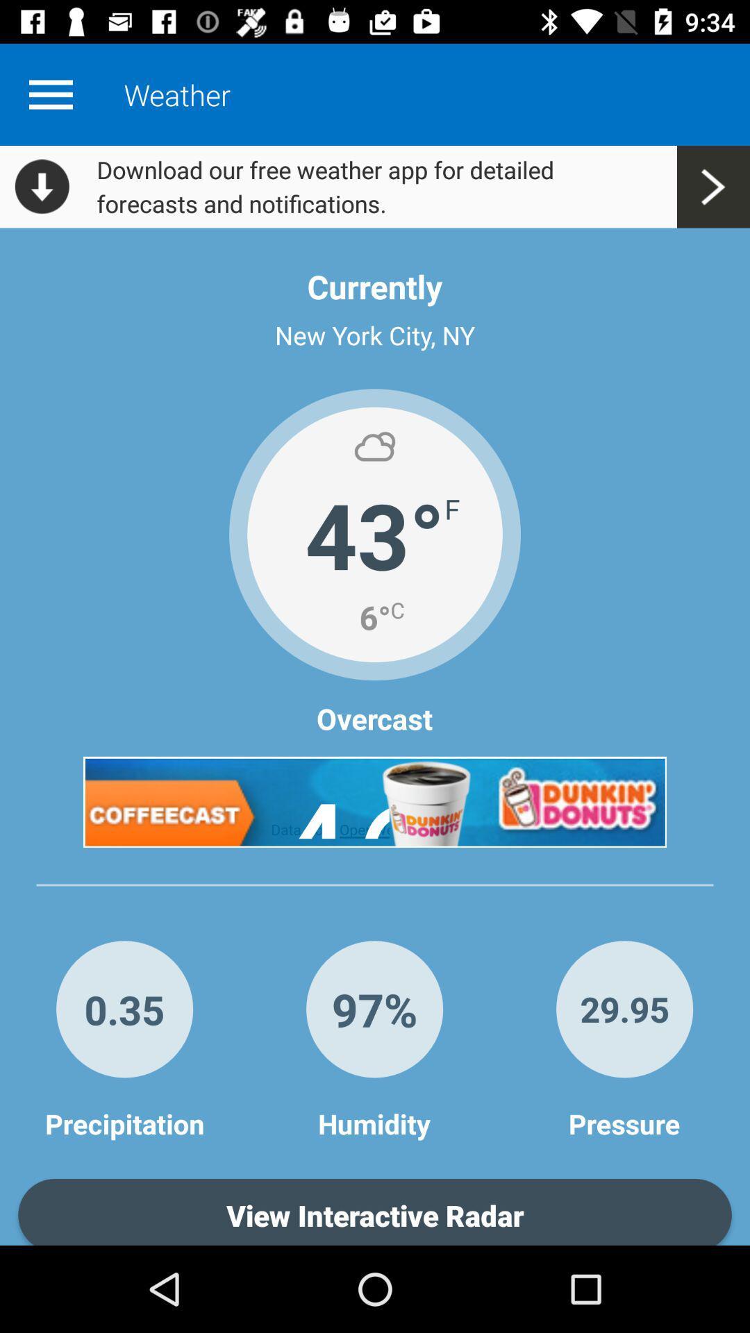  I want to click on open menu, so click(50, 94).